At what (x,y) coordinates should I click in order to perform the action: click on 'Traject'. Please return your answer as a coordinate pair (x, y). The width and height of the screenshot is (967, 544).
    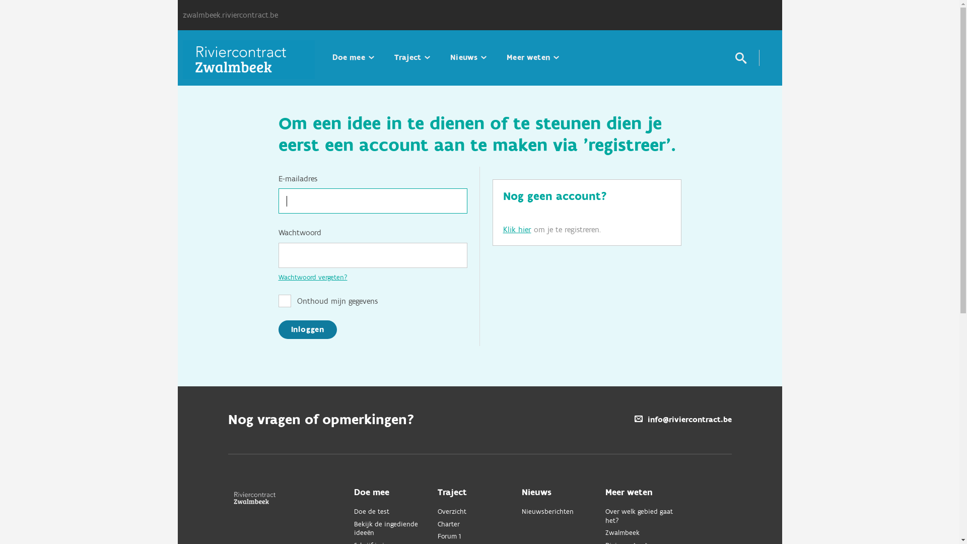
    Looking at the image, I should click on (412, 57).